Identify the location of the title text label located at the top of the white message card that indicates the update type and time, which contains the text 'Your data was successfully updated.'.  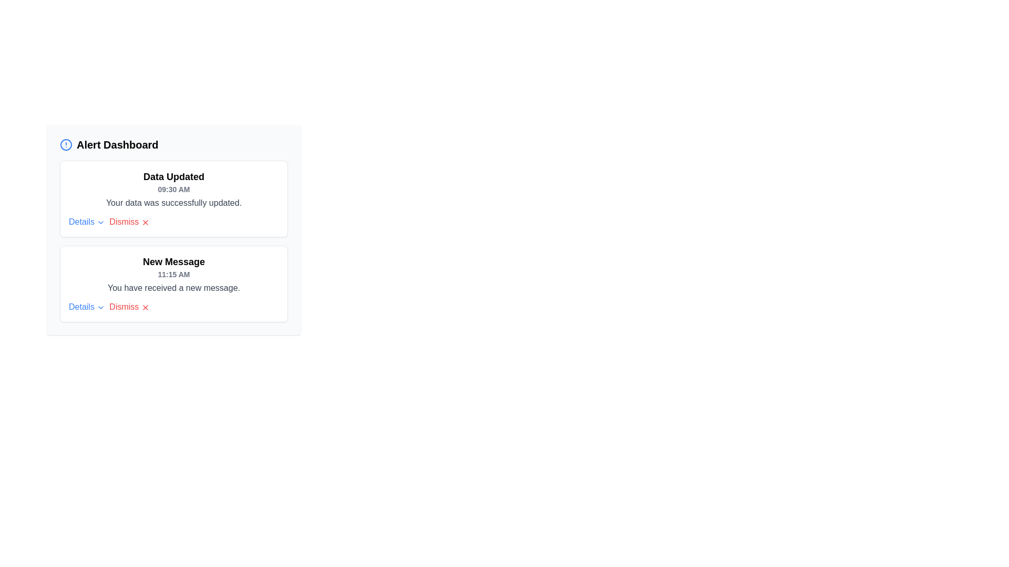
(174, 182).